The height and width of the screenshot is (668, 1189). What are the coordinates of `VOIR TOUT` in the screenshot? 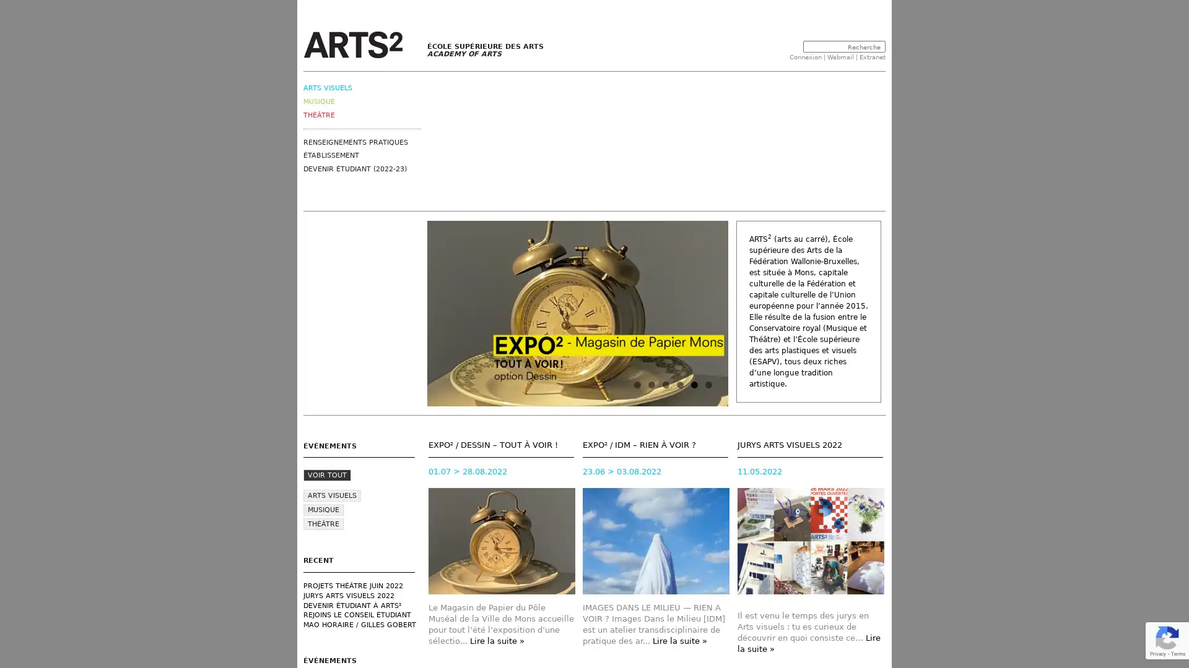 It's located at (327, 474).